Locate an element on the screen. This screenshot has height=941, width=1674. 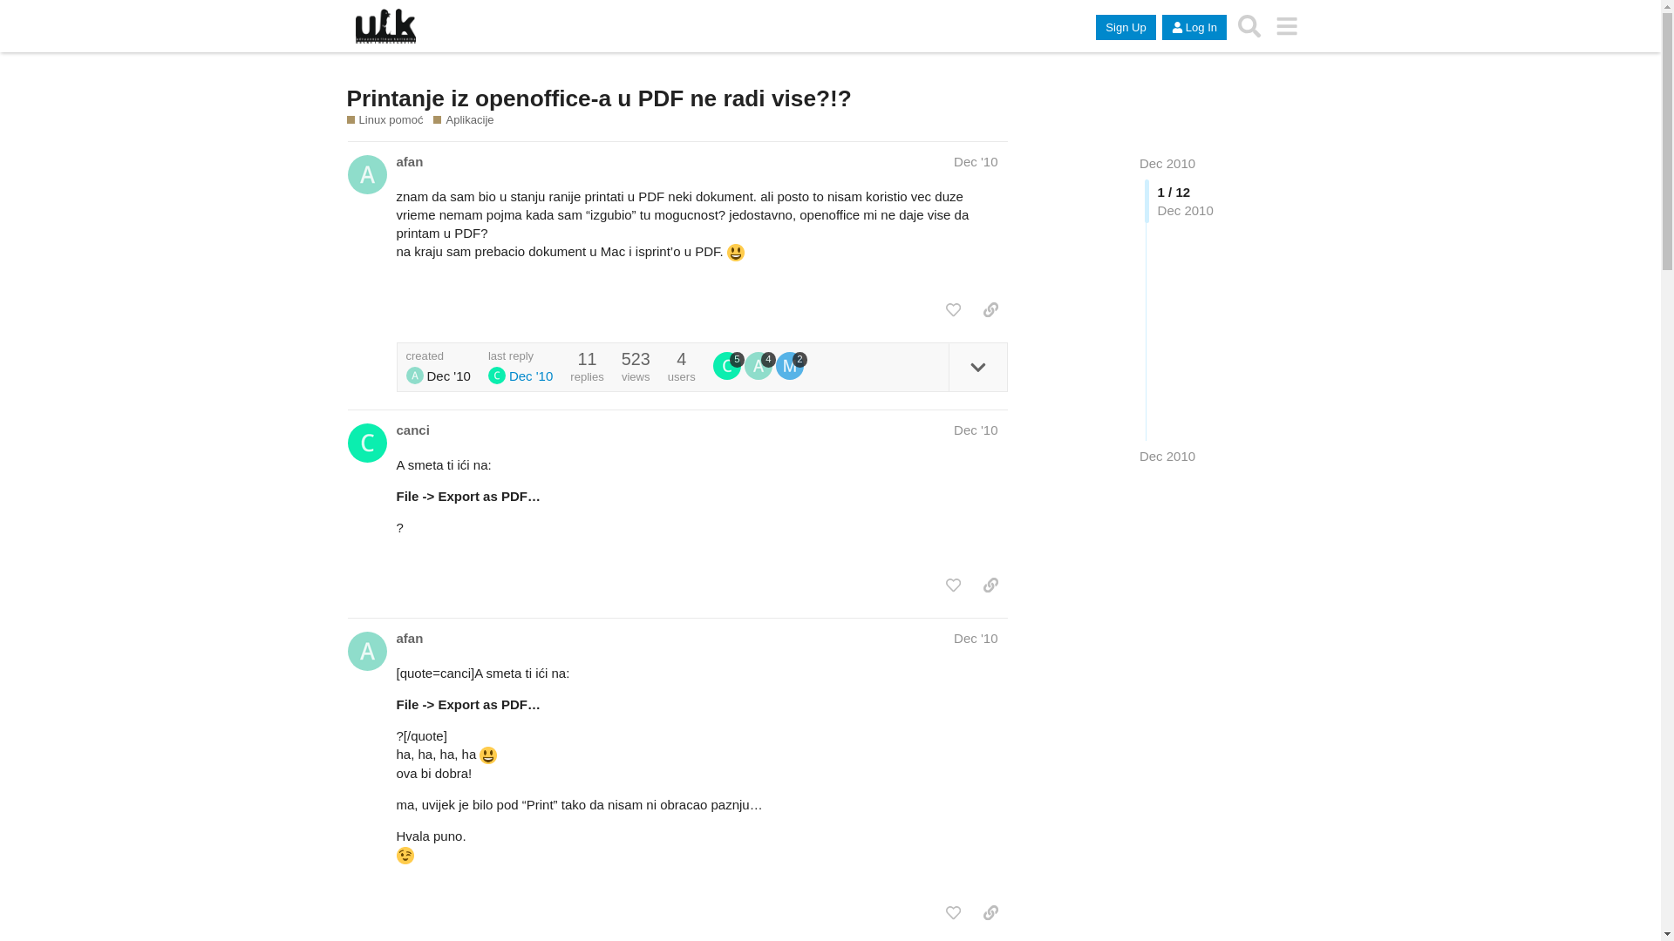
'share a link to this post' is located at coordinates (974, 308).